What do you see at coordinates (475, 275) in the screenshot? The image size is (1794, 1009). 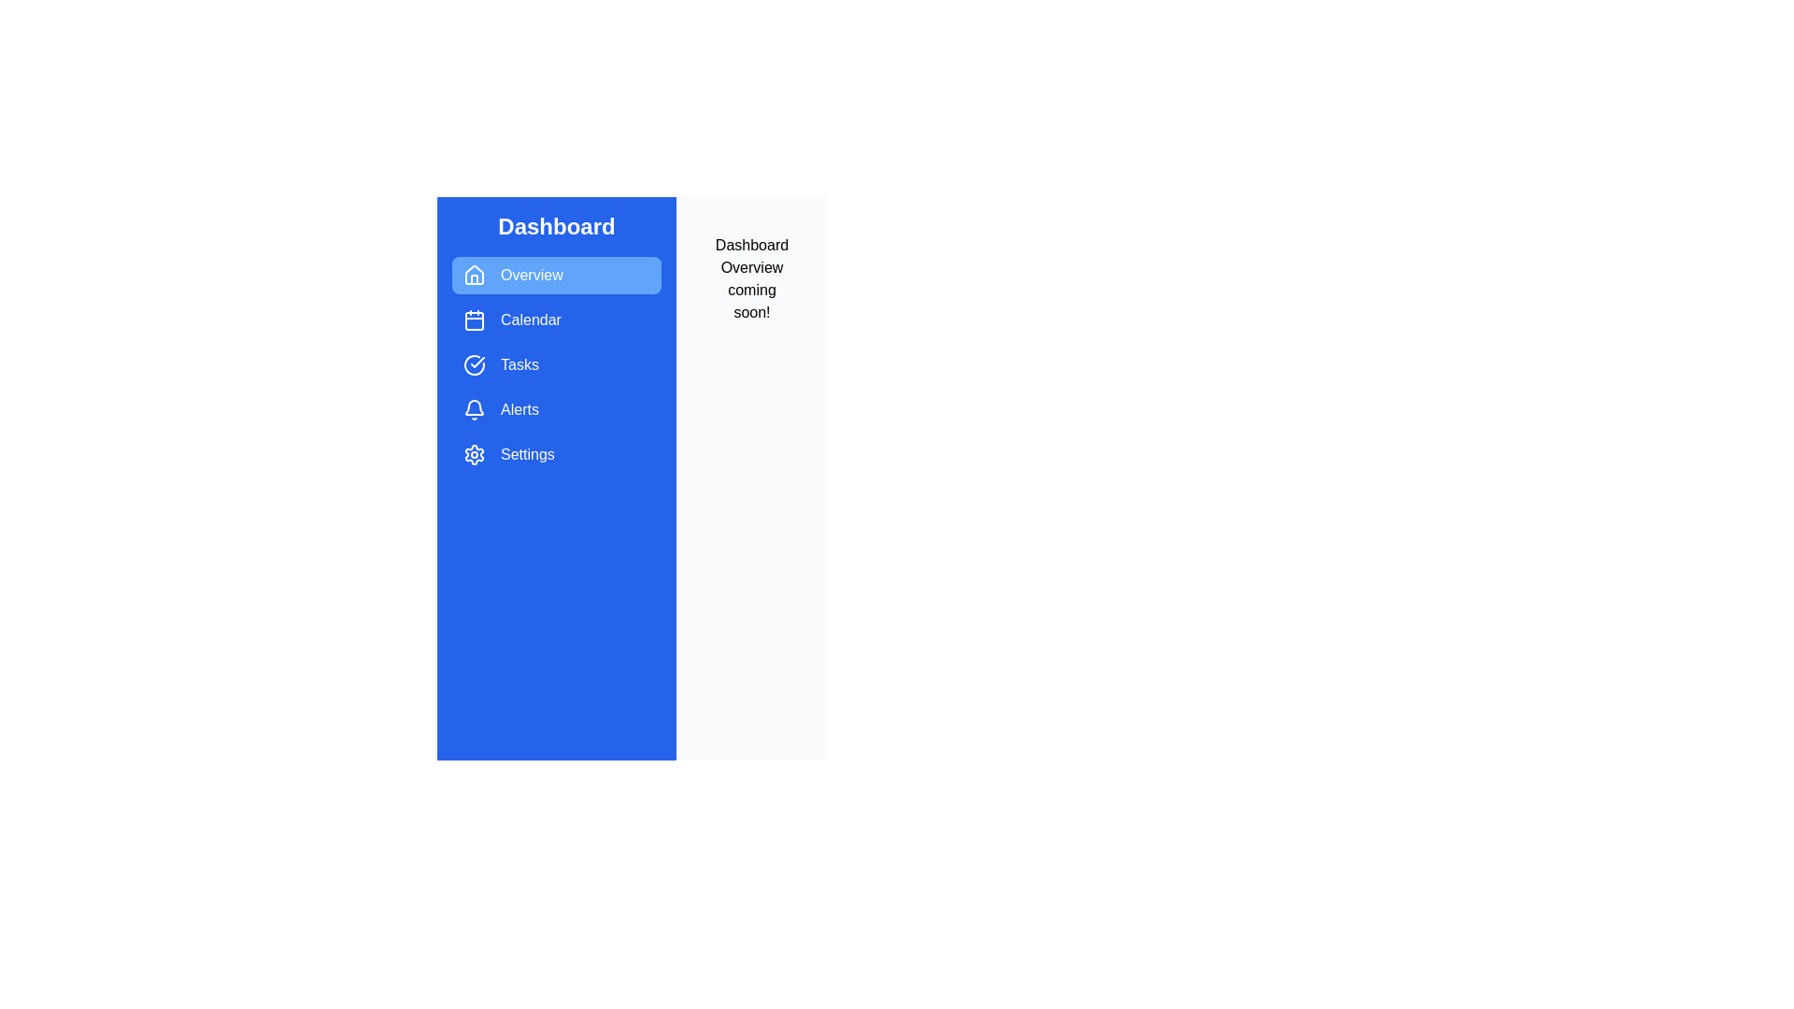 I see `the house icon representing the 'Overview' section in the left-side menu of the application` at bounding box center [475, 275].